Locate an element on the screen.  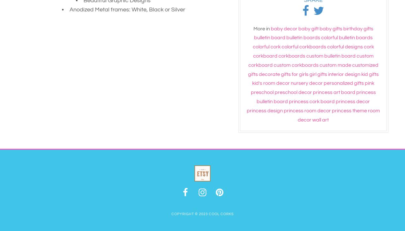
'Cool Corks' is located at coordinates (221, 214).